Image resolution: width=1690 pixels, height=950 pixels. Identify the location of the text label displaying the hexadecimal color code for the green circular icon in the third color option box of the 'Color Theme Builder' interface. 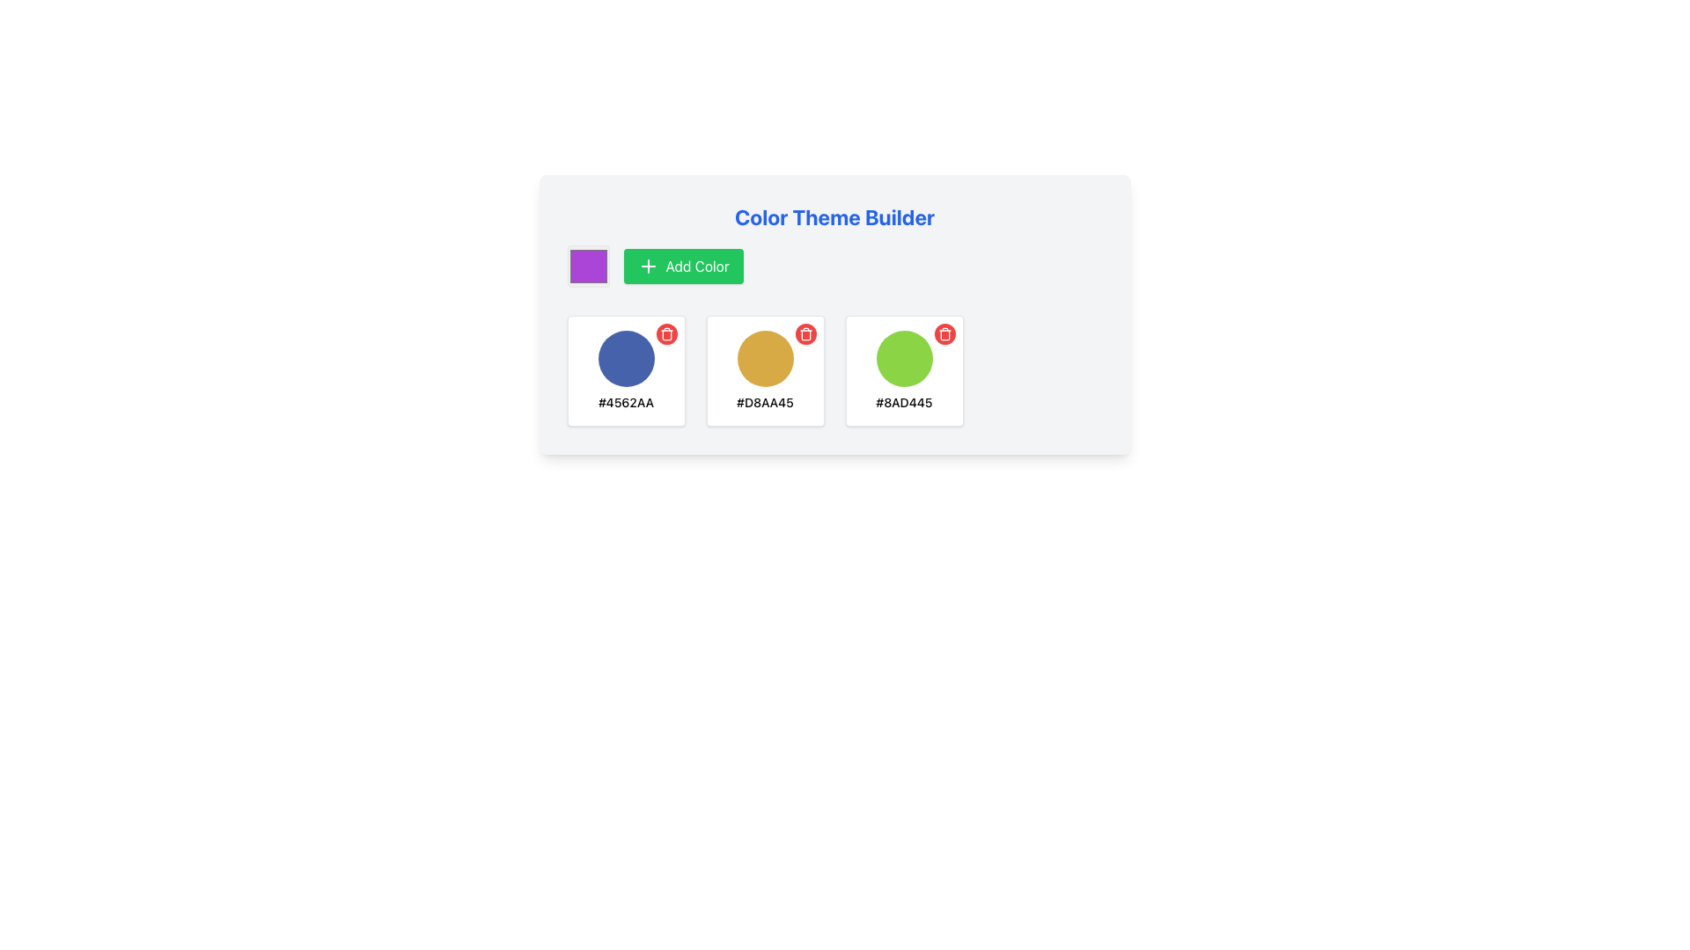
(904, 403).